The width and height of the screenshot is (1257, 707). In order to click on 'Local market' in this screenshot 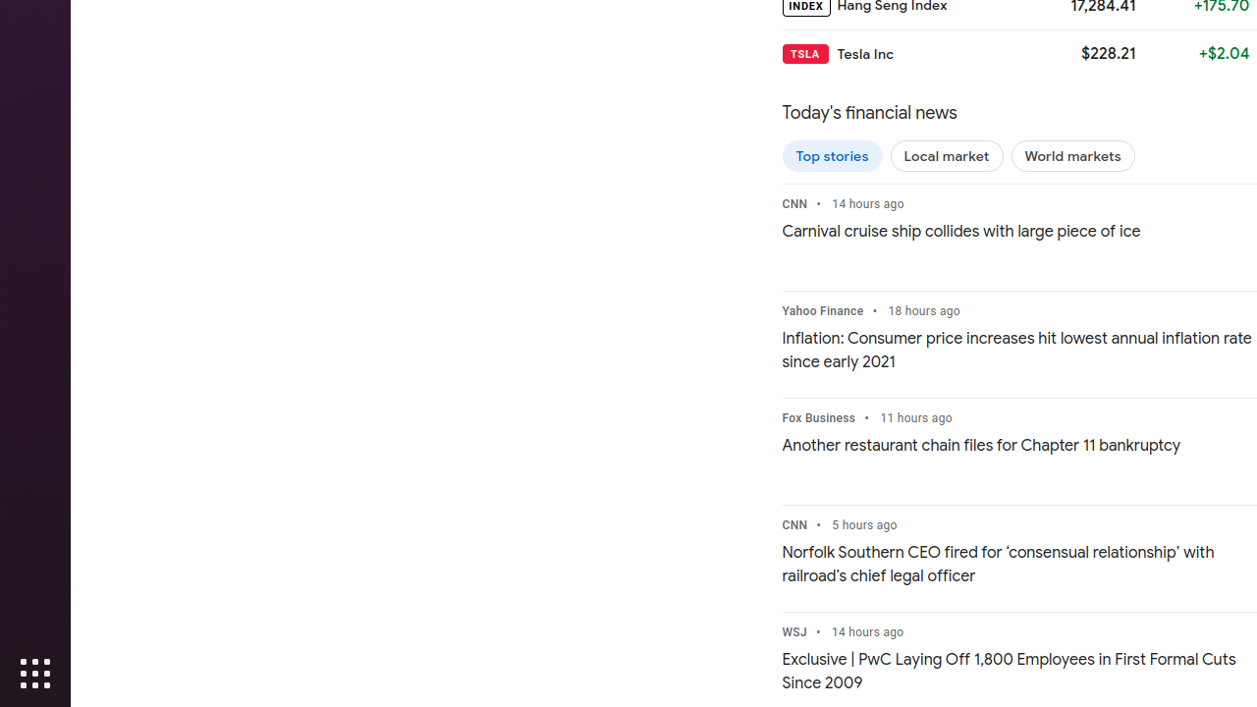, I will do `click(946, 154)`.